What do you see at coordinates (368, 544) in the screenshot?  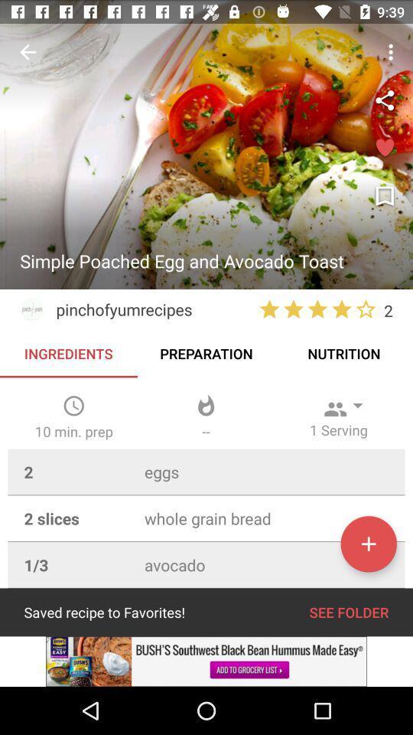 I see `a recipe` at bounding box center [368, 544].